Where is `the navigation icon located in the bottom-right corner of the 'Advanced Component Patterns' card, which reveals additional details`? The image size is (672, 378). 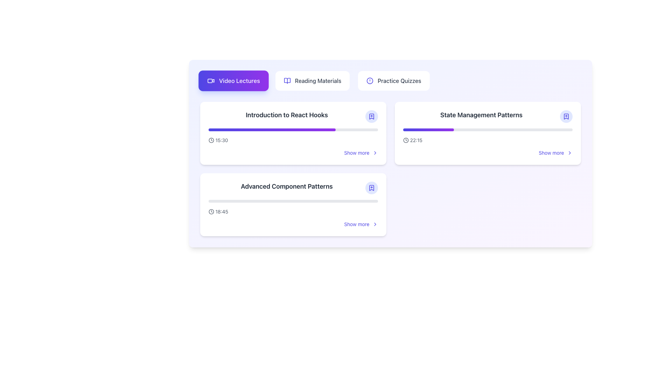
the navigation icon located in the bottom-right corner of the 'Advanced Component Patterns' card, which reveals additional details is located at coordinates (374, 224).